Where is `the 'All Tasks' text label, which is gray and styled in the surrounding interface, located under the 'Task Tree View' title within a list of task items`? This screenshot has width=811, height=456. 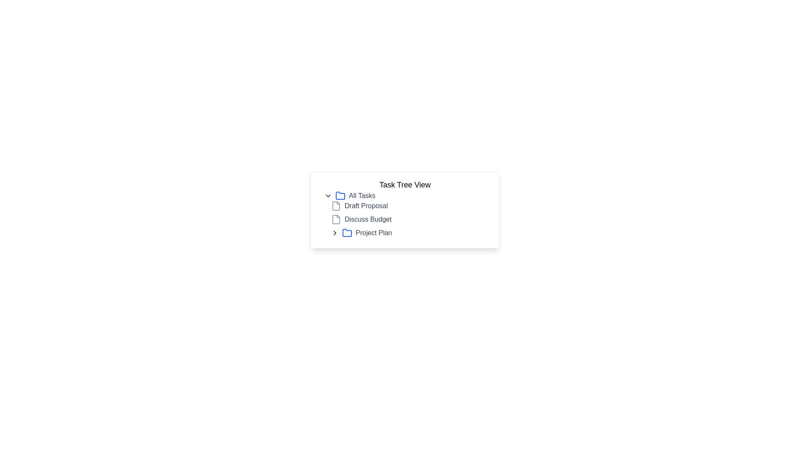
the 'All Tasks' text label, which is gray and styled in the surrounding interface, located under the 'Task Tree View' title within a list of task items is located at coordinates (362, 195).